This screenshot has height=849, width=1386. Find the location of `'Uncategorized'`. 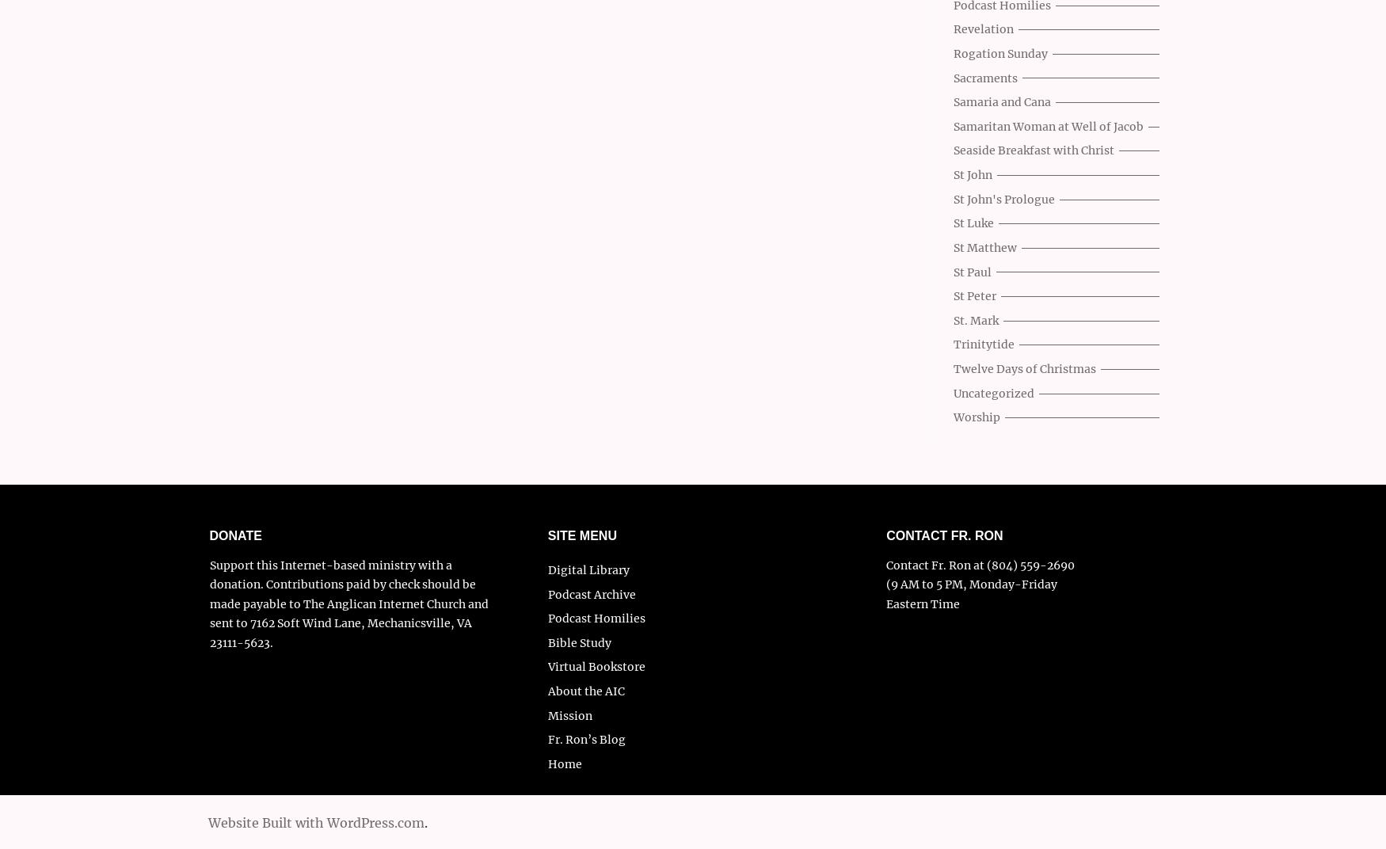

'Uncategorized' is located at coordinates (954, 393).